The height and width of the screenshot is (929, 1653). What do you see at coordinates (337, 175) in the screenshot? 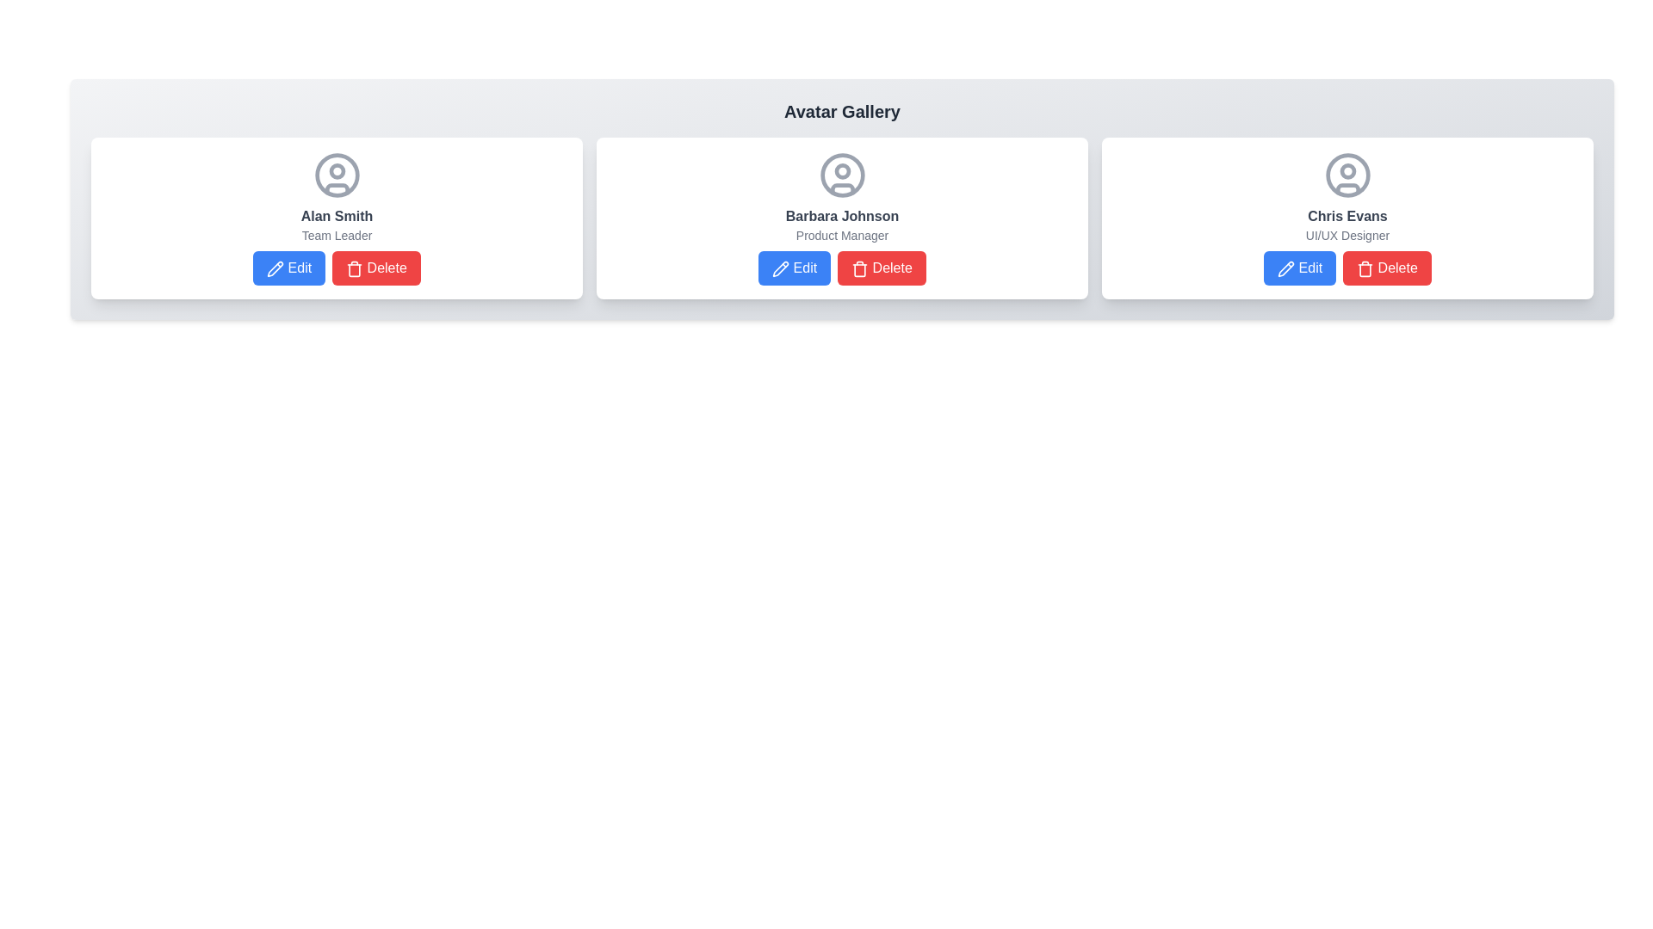
I see `the user icon representing 'Alan Smith' in the 'Avatar Gallery' section, which is located above the user's name and role text` at bounding box center [337, 175].